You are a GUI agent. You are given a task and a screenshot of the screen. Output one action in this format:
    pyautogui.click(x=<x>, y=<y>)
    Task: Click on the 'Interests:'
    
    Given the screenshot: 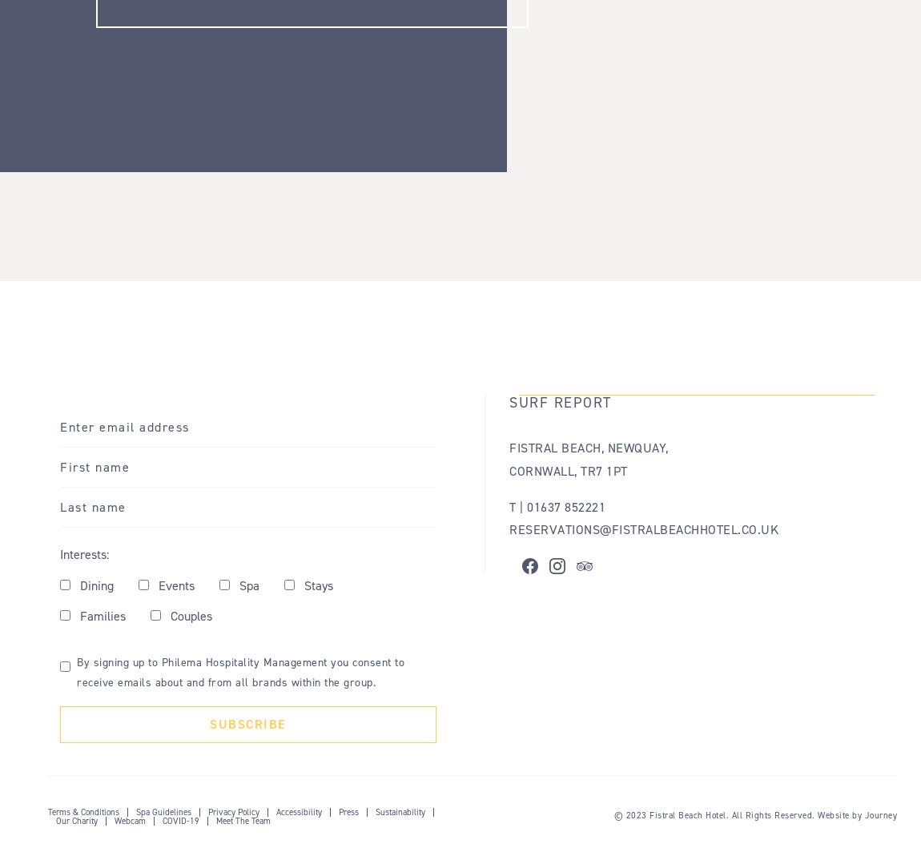 What is the action you would take?
    pyautogui.click(x=83, y=553)
    